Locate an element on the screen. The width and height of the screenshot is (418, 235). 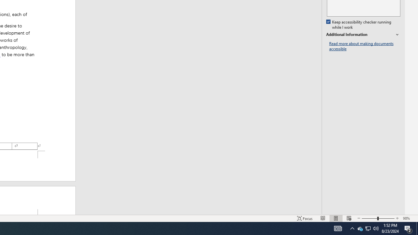
'Keep accessibility checker running while I work' is located at coordinates (359, 24).